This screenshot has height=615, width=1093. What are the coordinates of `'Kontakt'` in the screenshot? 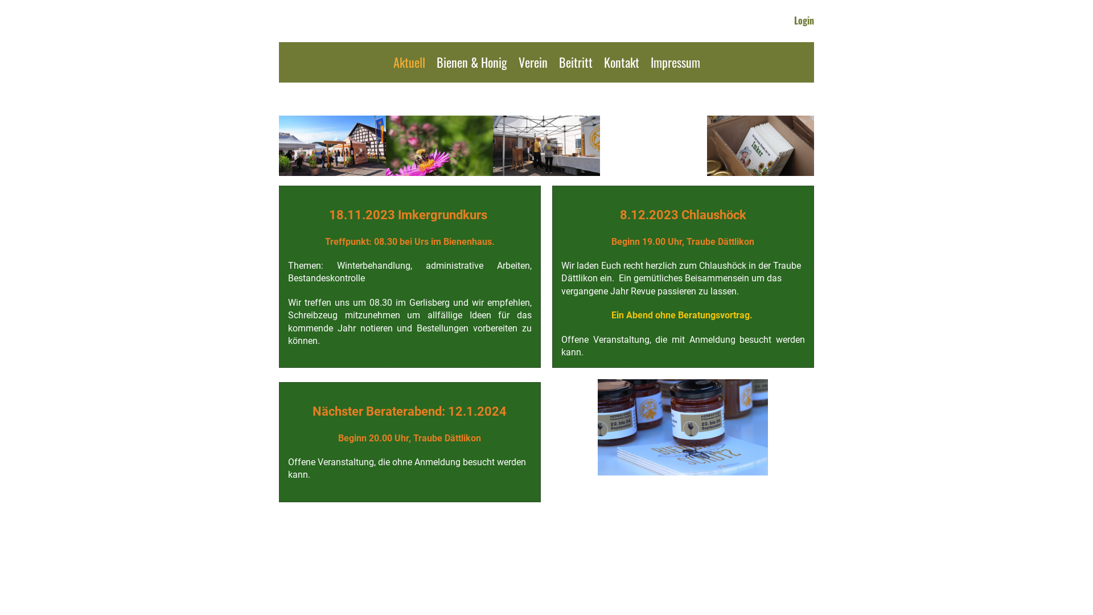 It's located at (620, 62).